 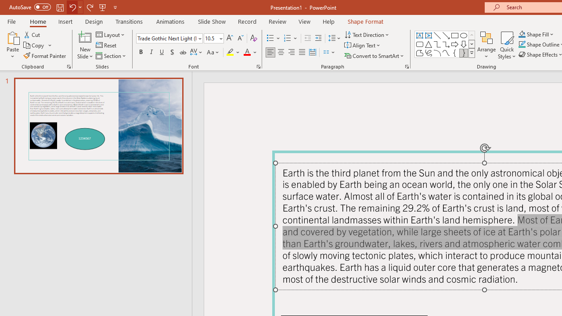 I want to click on 'Layout', so click(x=110, y=34).